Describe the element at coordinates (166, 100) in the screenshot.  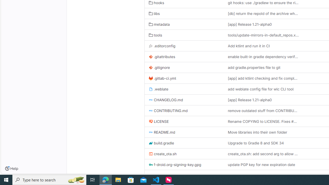
I see `'CHANGELOG.md'` at that location.